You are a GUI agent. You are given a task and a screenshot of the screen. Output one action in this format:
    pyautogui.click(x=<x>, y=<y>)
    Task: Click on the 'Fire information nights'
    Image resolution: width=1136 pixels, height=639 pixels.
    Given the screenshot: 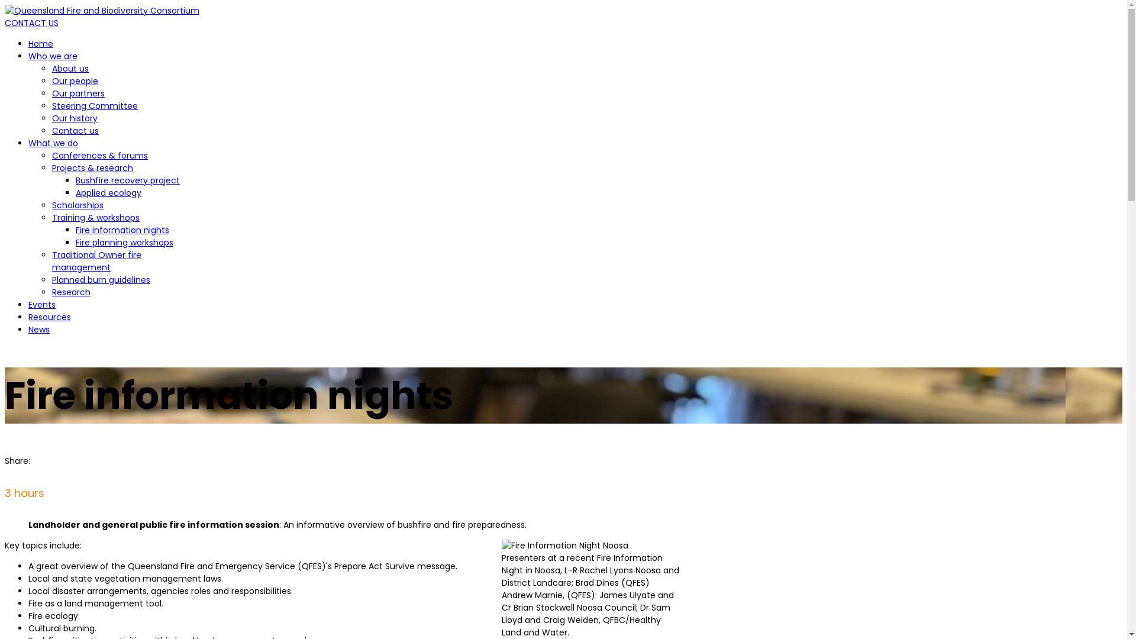 What is the action you would take?
    pyautogui.click(x=122, y=230)
    